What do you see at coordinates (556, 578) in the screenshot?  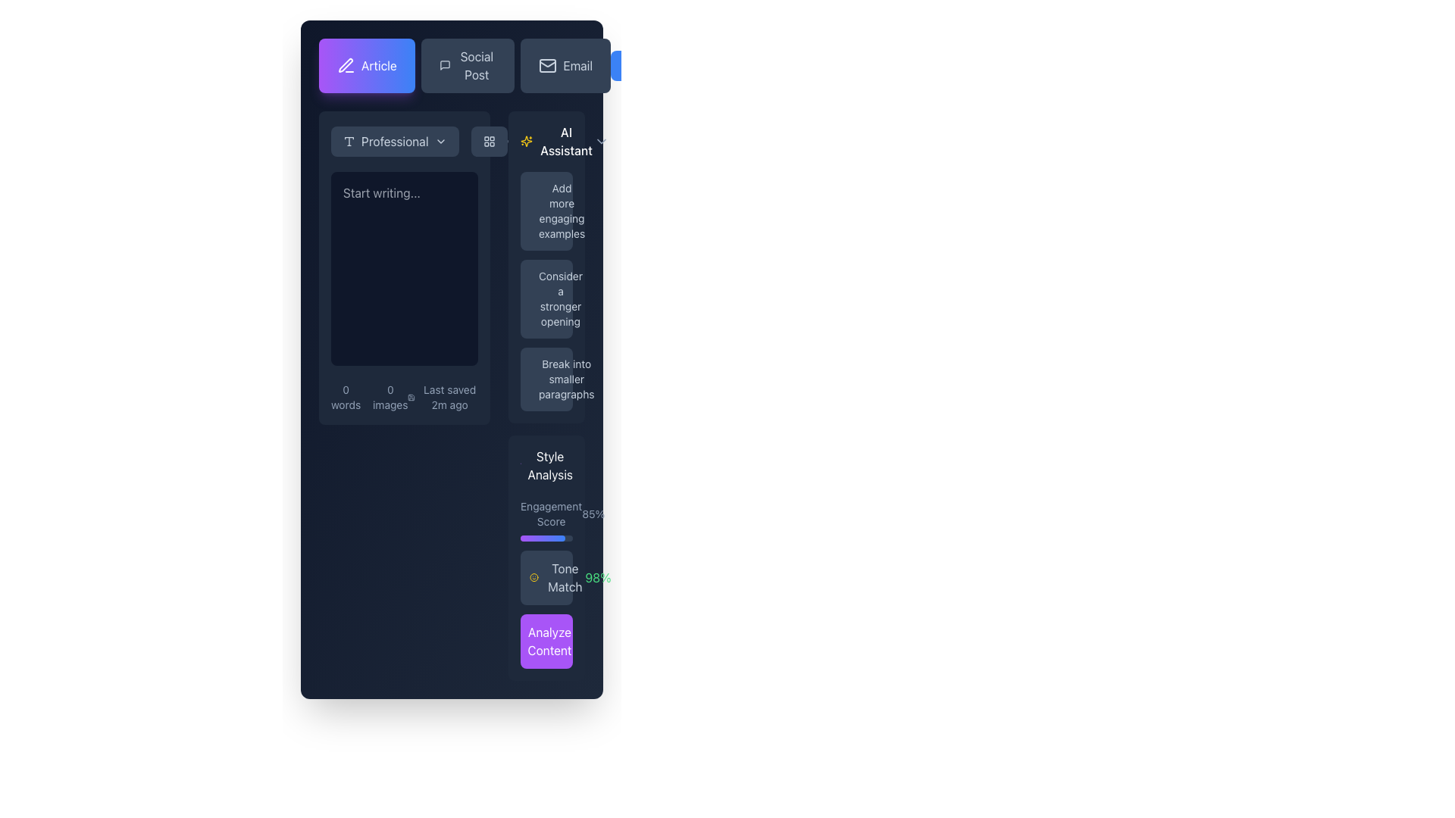 I see `the label-like UI element that features a smiling yellow emoji icon and the text 'Tone Match' in light gray, located in the 'Style Analysis' section of the card, above the '98%' text` at bounding box center [556, 578].